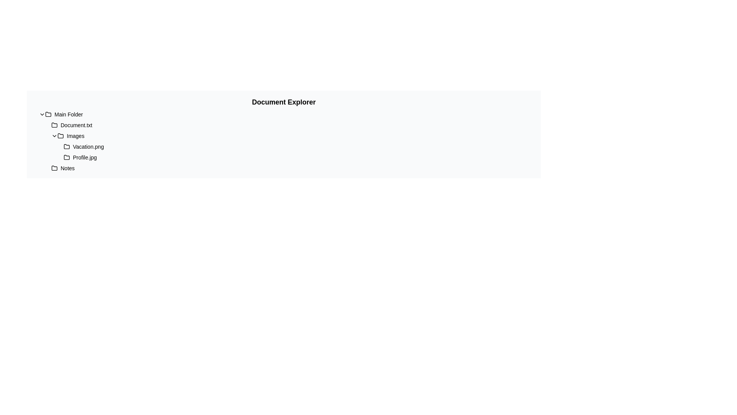  Describe the element at coordinates (60, 135) in the screenshot. I see `the SVG graphic element representing a folder located next to the 'Images' label in the file explorer interface for visual feedback` at that location.